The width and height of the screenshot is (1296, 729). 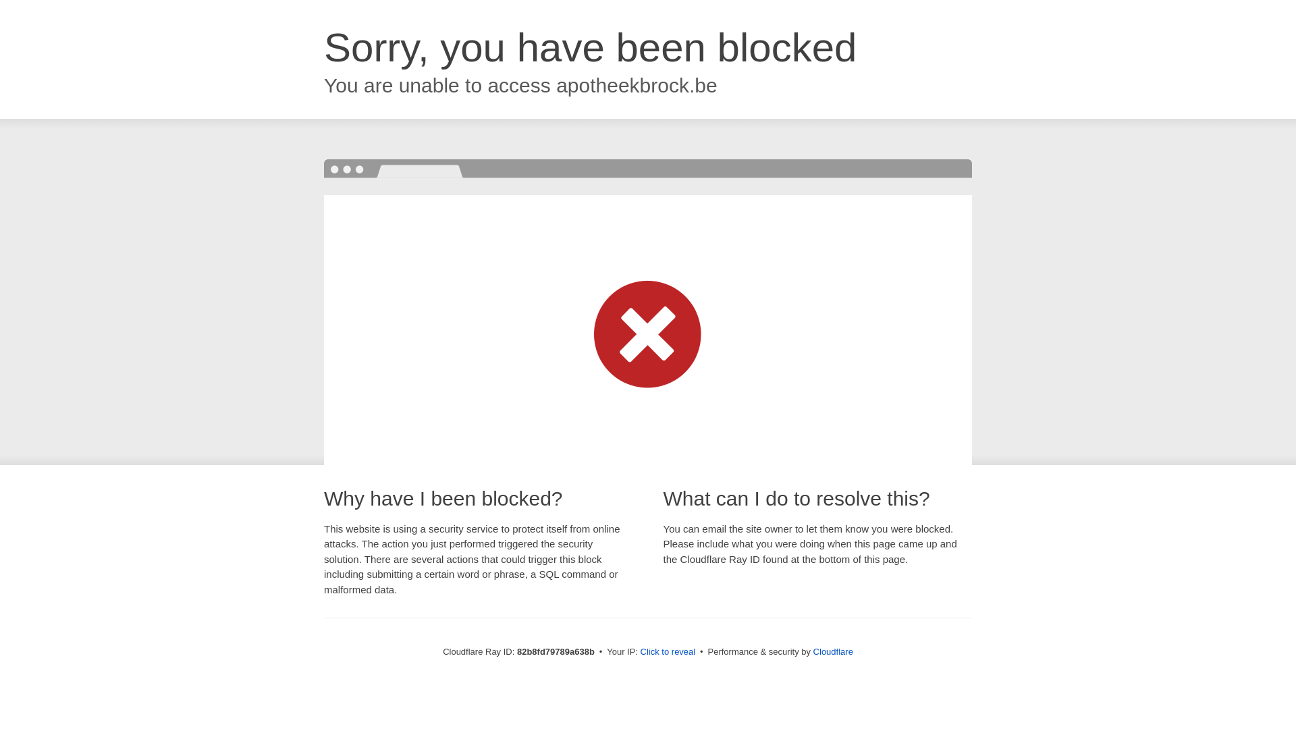 I want to click on 'Click to reveal', so click(x=668, y=651).